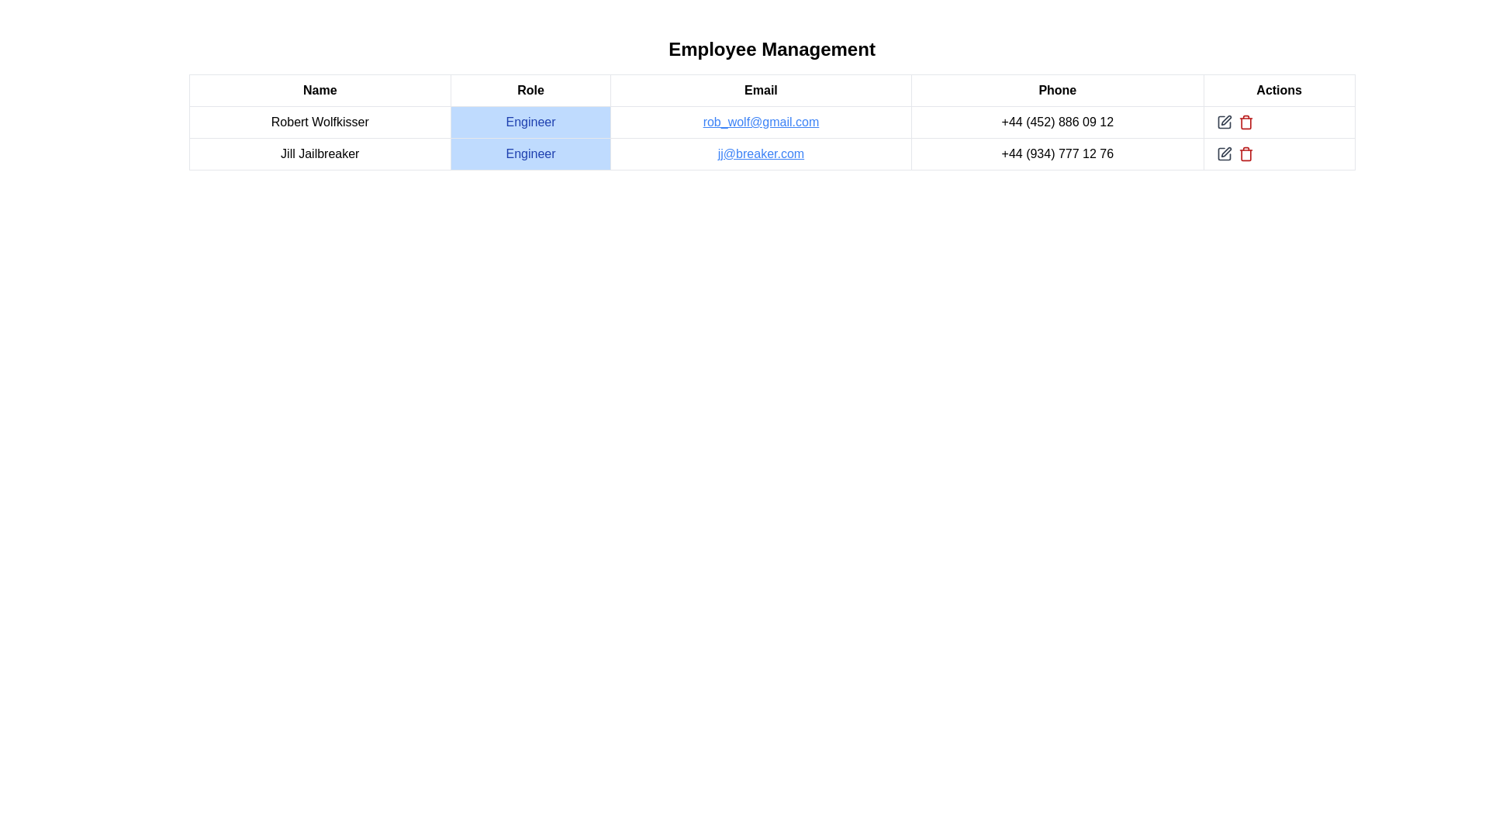 This screenshot has width=1489, height=837. Describe the element at coordinates (1056, 154) in the screenshot. I see `contact phone number displayed in the second row of the table under the 'Phone' column, located between the email address column and the action icons` at that location.